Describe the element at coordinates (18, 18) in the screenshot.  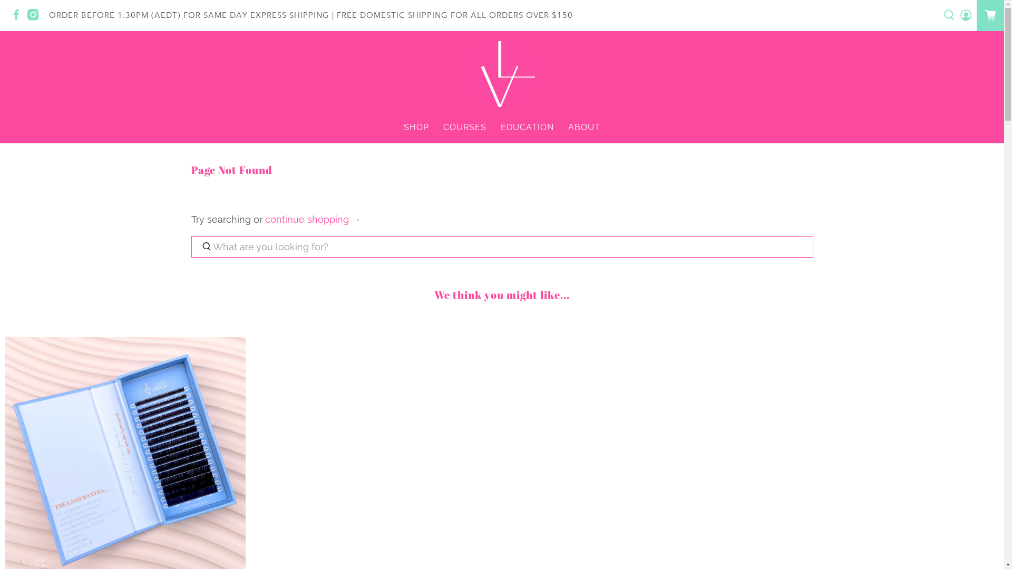
I see `'Lash Vision on Facebook'` at that location.